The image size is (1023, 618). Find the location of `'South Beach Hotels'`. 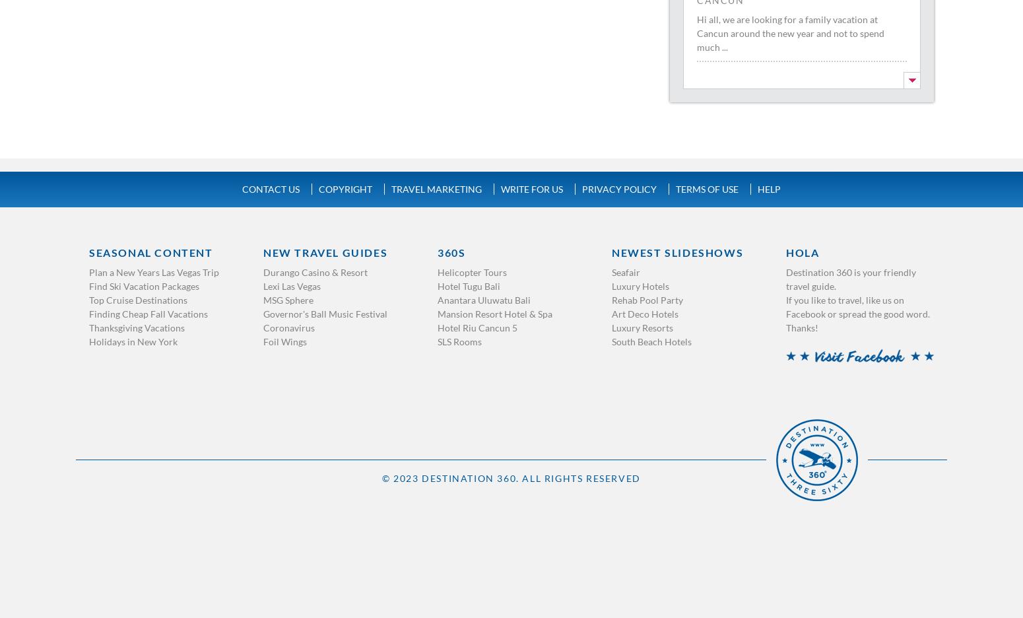

'South Beach Hotels' is located at coordinates (612, 341).